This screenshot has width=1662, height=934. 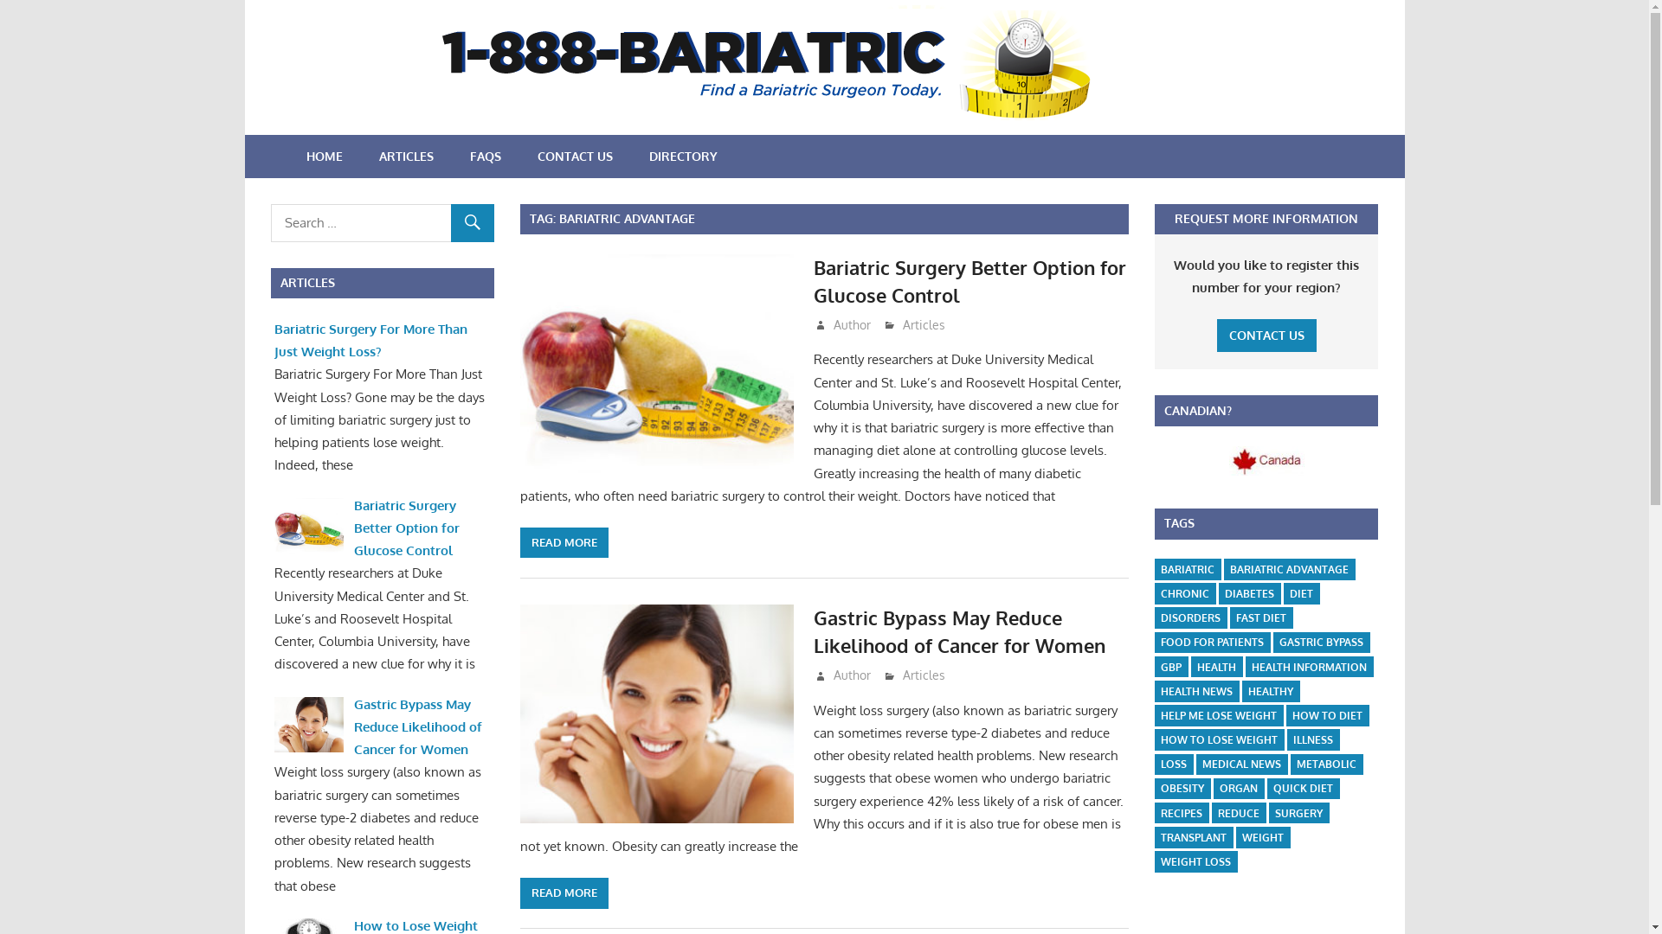 I want to click on 'HEALTHY', so click(x=1271, y=690).